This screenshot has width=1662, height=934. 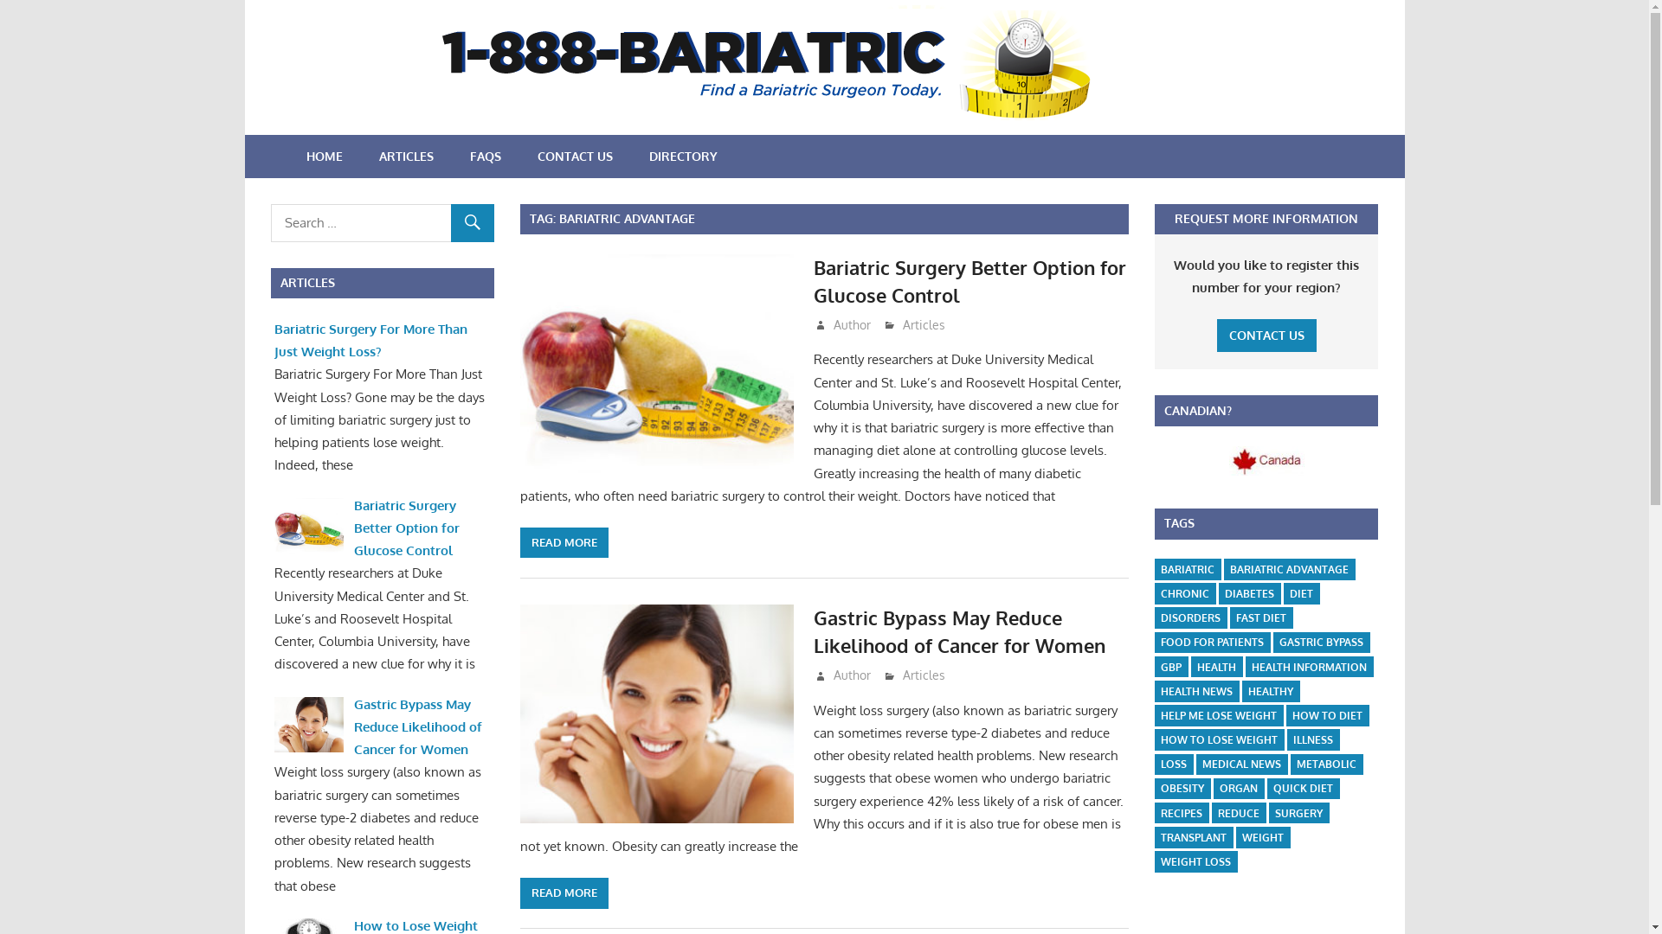 I want to click on 'HEALTHY', so click(x=1271, y=690).